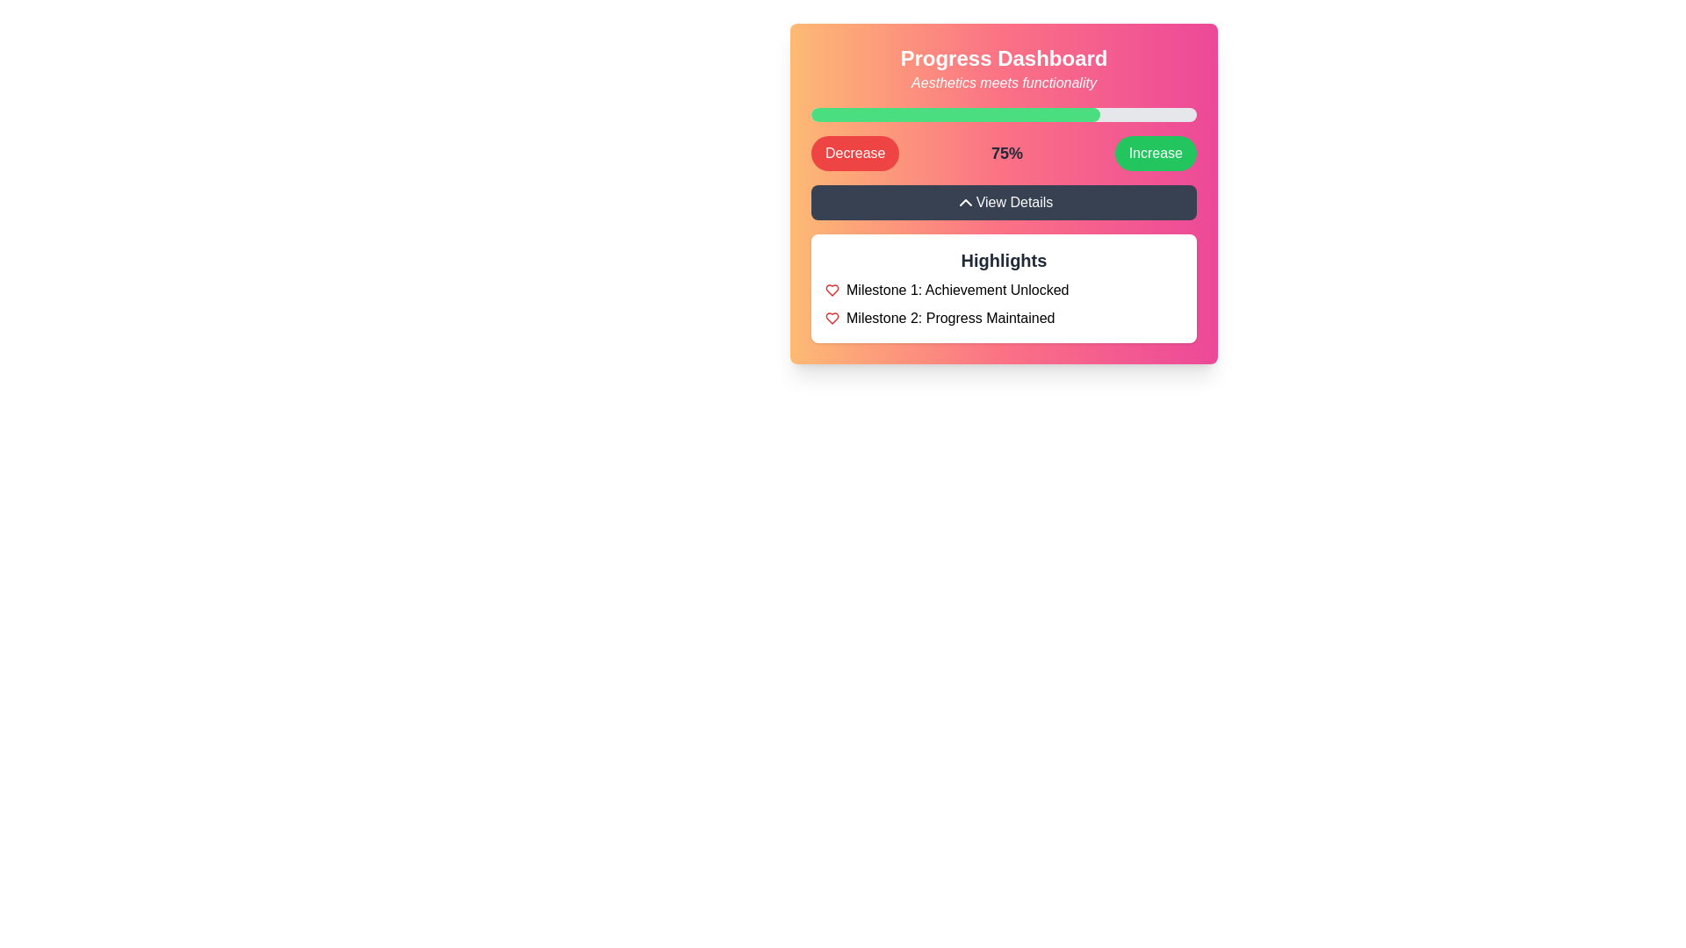  What do you see at coordinates (1004, 318) in the screenshot?
I see `the text section stating 'Milestone 2: Progress Maintained' with a red heart icon, located in the 'Highlights' section below the main content area` at bounding box center [1004, 318].